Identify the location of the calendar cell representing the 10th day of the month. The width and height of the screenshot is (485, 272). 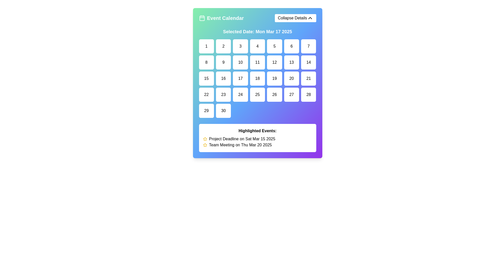
(240, 62).